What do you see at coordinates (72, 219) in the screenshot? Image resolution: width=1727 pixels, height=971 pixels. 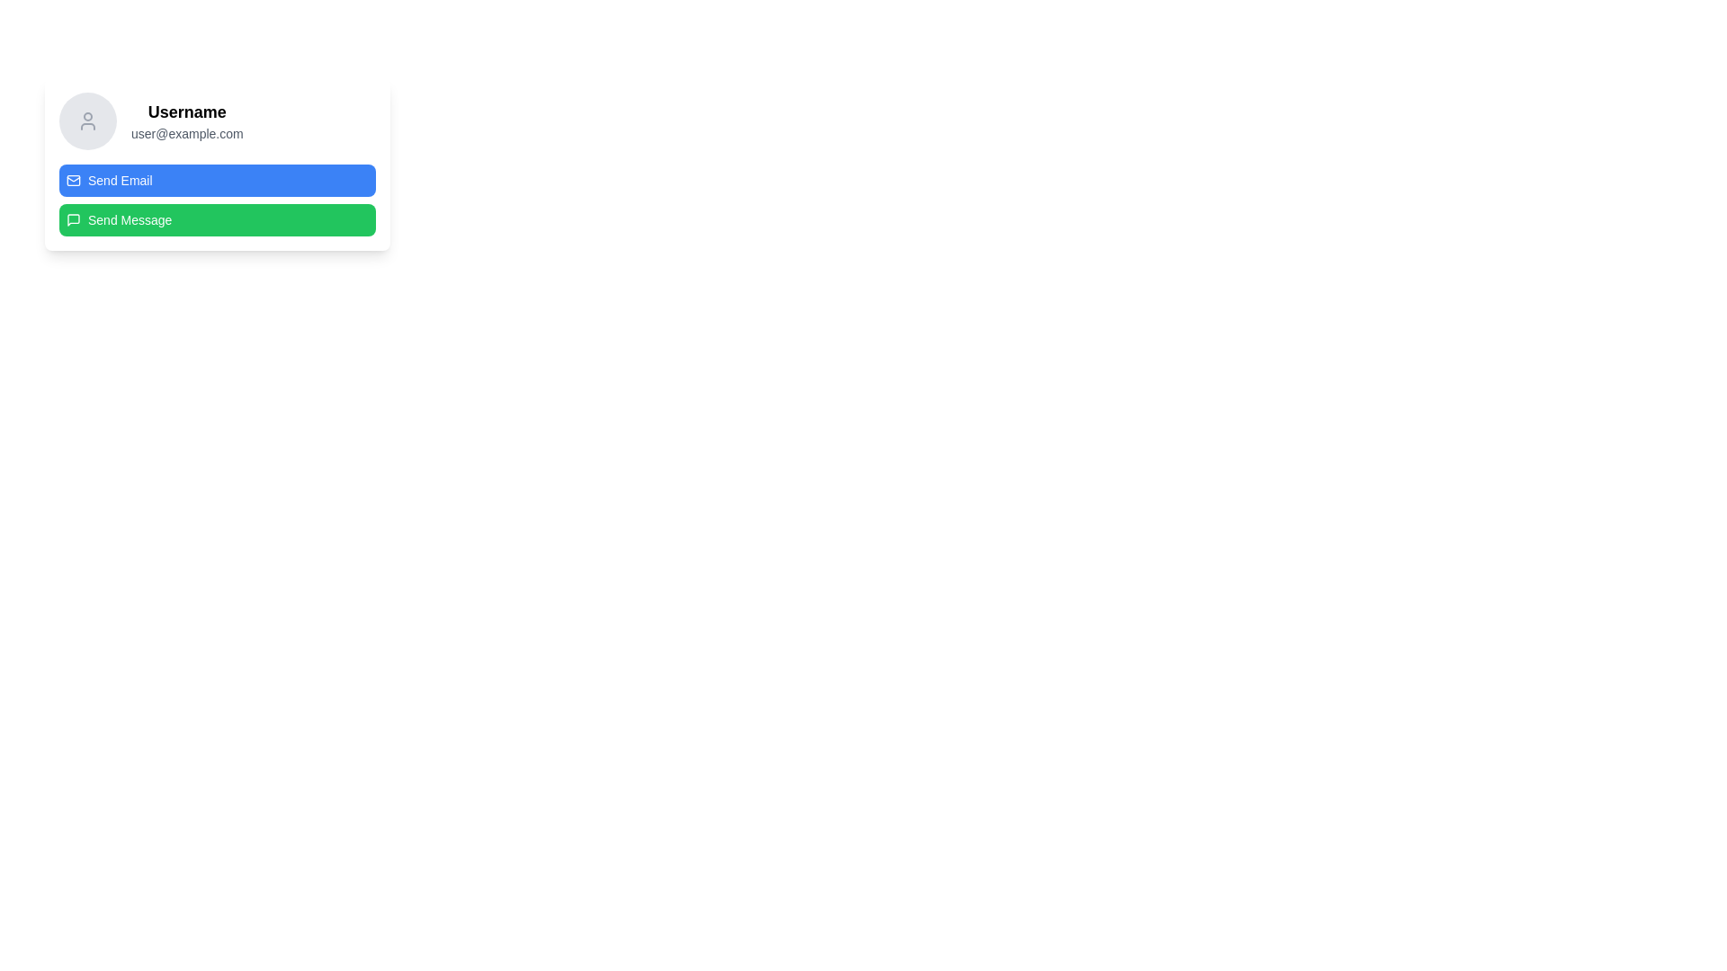 I see `the message sending icon located at the first position within the 'Send Message' button at the bottom of the user card interface` at bounding box center [72, 219].